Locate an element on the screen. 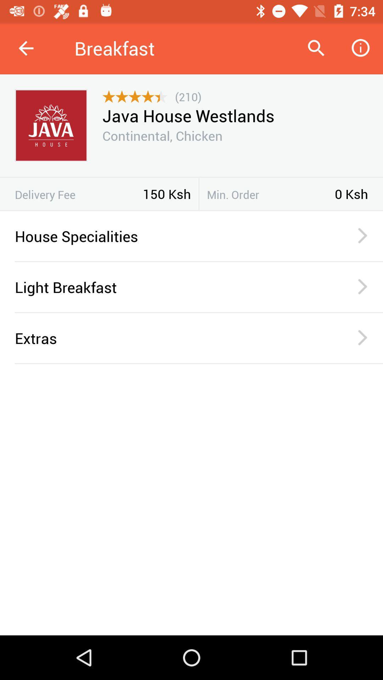  the 150 ksh is located at coordinates (167, 194).